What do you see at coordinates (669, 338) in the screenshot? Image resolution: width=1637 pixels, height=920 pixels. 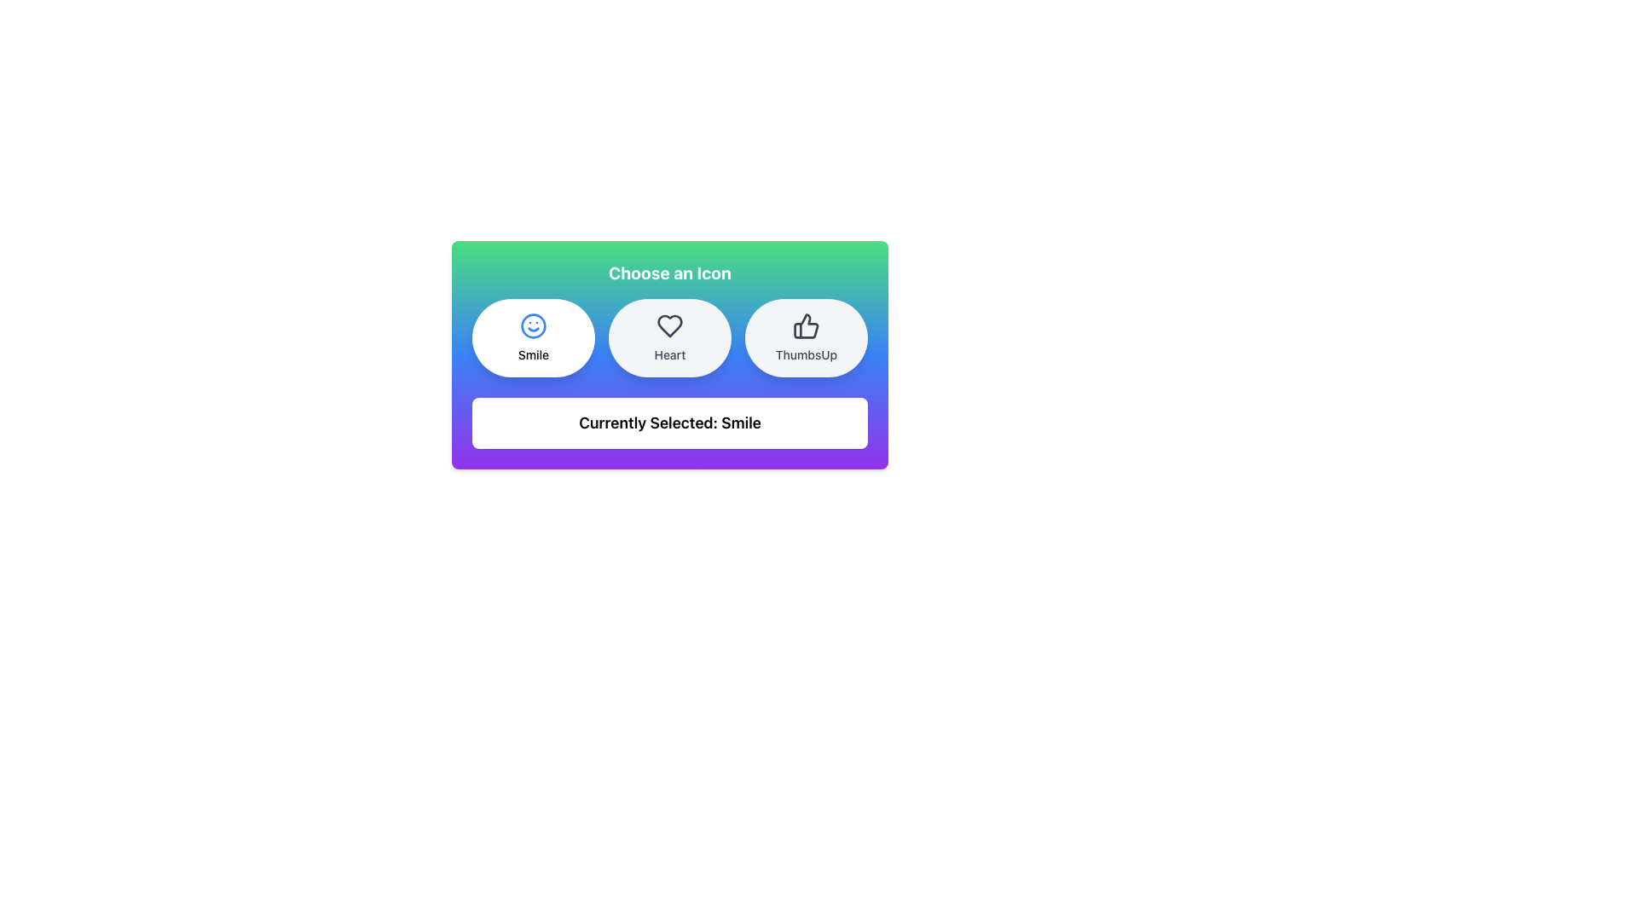 I see `the circular button with a heart-shaped icon and the text 'Heart' displayed below it` at bounding box center [669, 338].